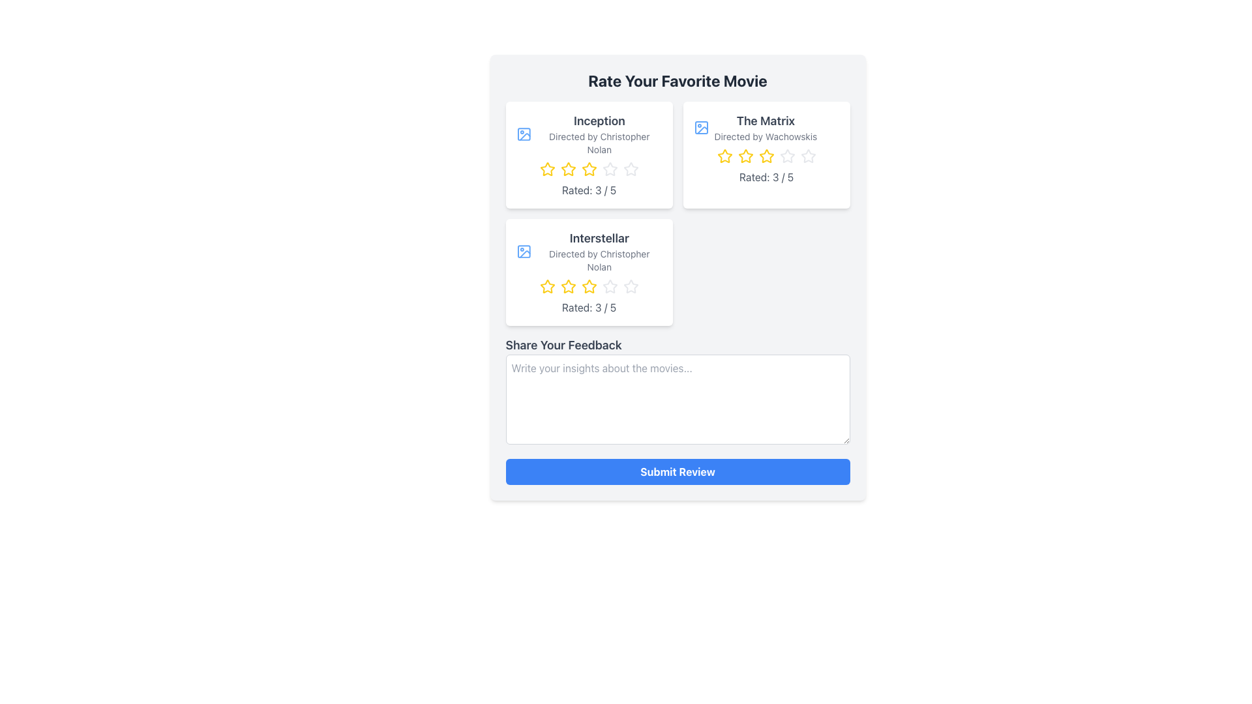 The width and height of the screenshot is (1252, 704). What do you see at coordinates (524, 251) in the screenshot?
I see `the SVG rectangle with rounded corners that serves as an icon placeholder for the movie 'Interstellar', located in the bottom left section of the primary layout grid` at bounding box center [524, 251].